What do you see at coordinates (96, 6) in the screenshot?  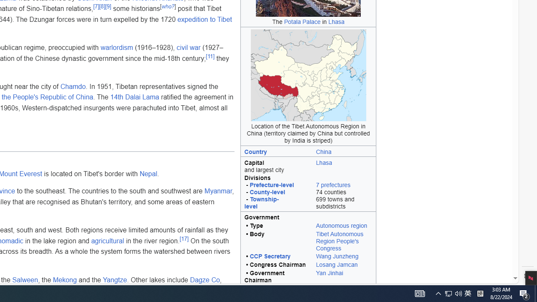 I see `'[7]'` at bounding box center [96, 6].